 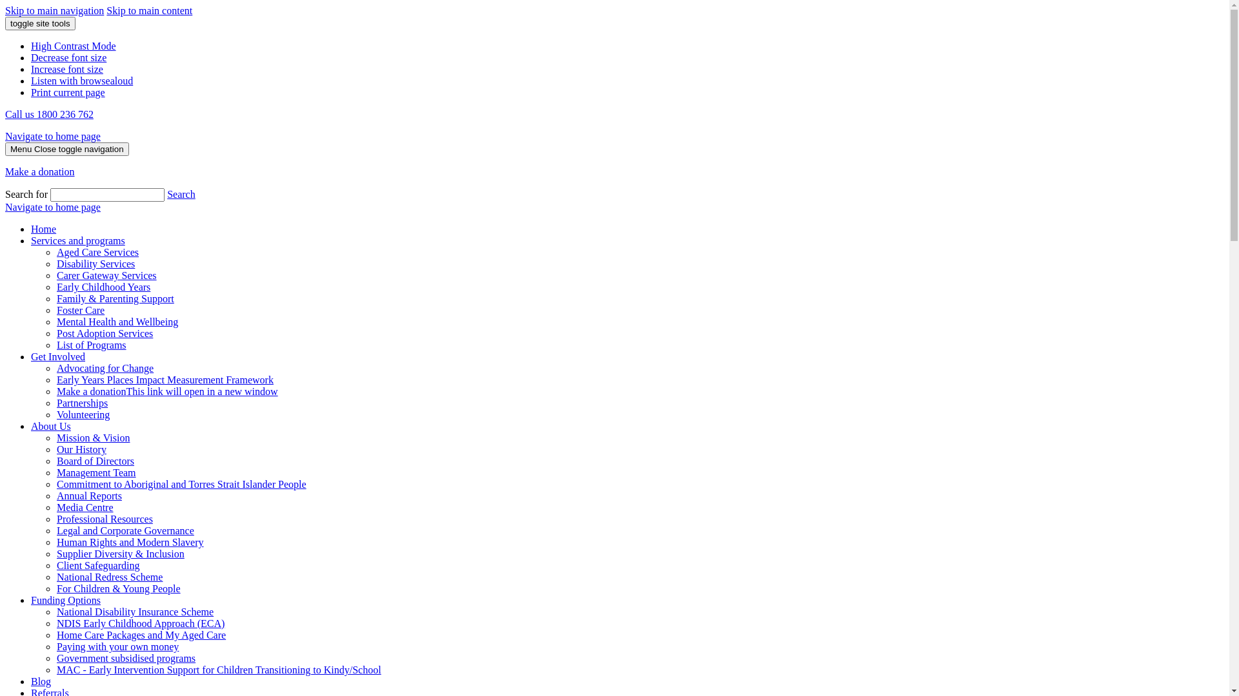 What do you see at coordinates (106, 275) in the screenshot?
I see `'Carer Gateway Services'` at bounding box center [106, 275].